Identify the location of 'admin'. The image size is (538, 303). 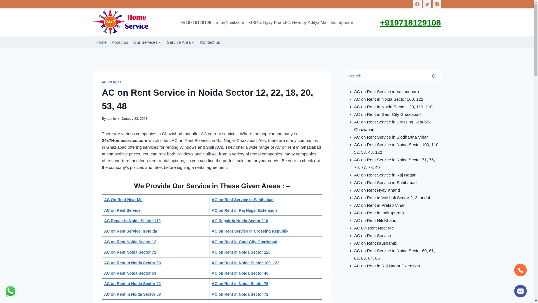
(111, 118).